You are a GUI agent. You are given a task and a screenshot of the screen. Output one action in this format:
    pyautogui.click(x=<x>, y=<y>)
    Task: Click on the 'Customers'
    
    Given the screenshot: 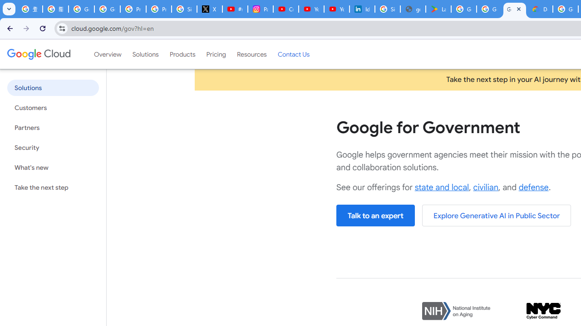 What is the action you would take?
    pyautogui.click(x=52, y=107)
    